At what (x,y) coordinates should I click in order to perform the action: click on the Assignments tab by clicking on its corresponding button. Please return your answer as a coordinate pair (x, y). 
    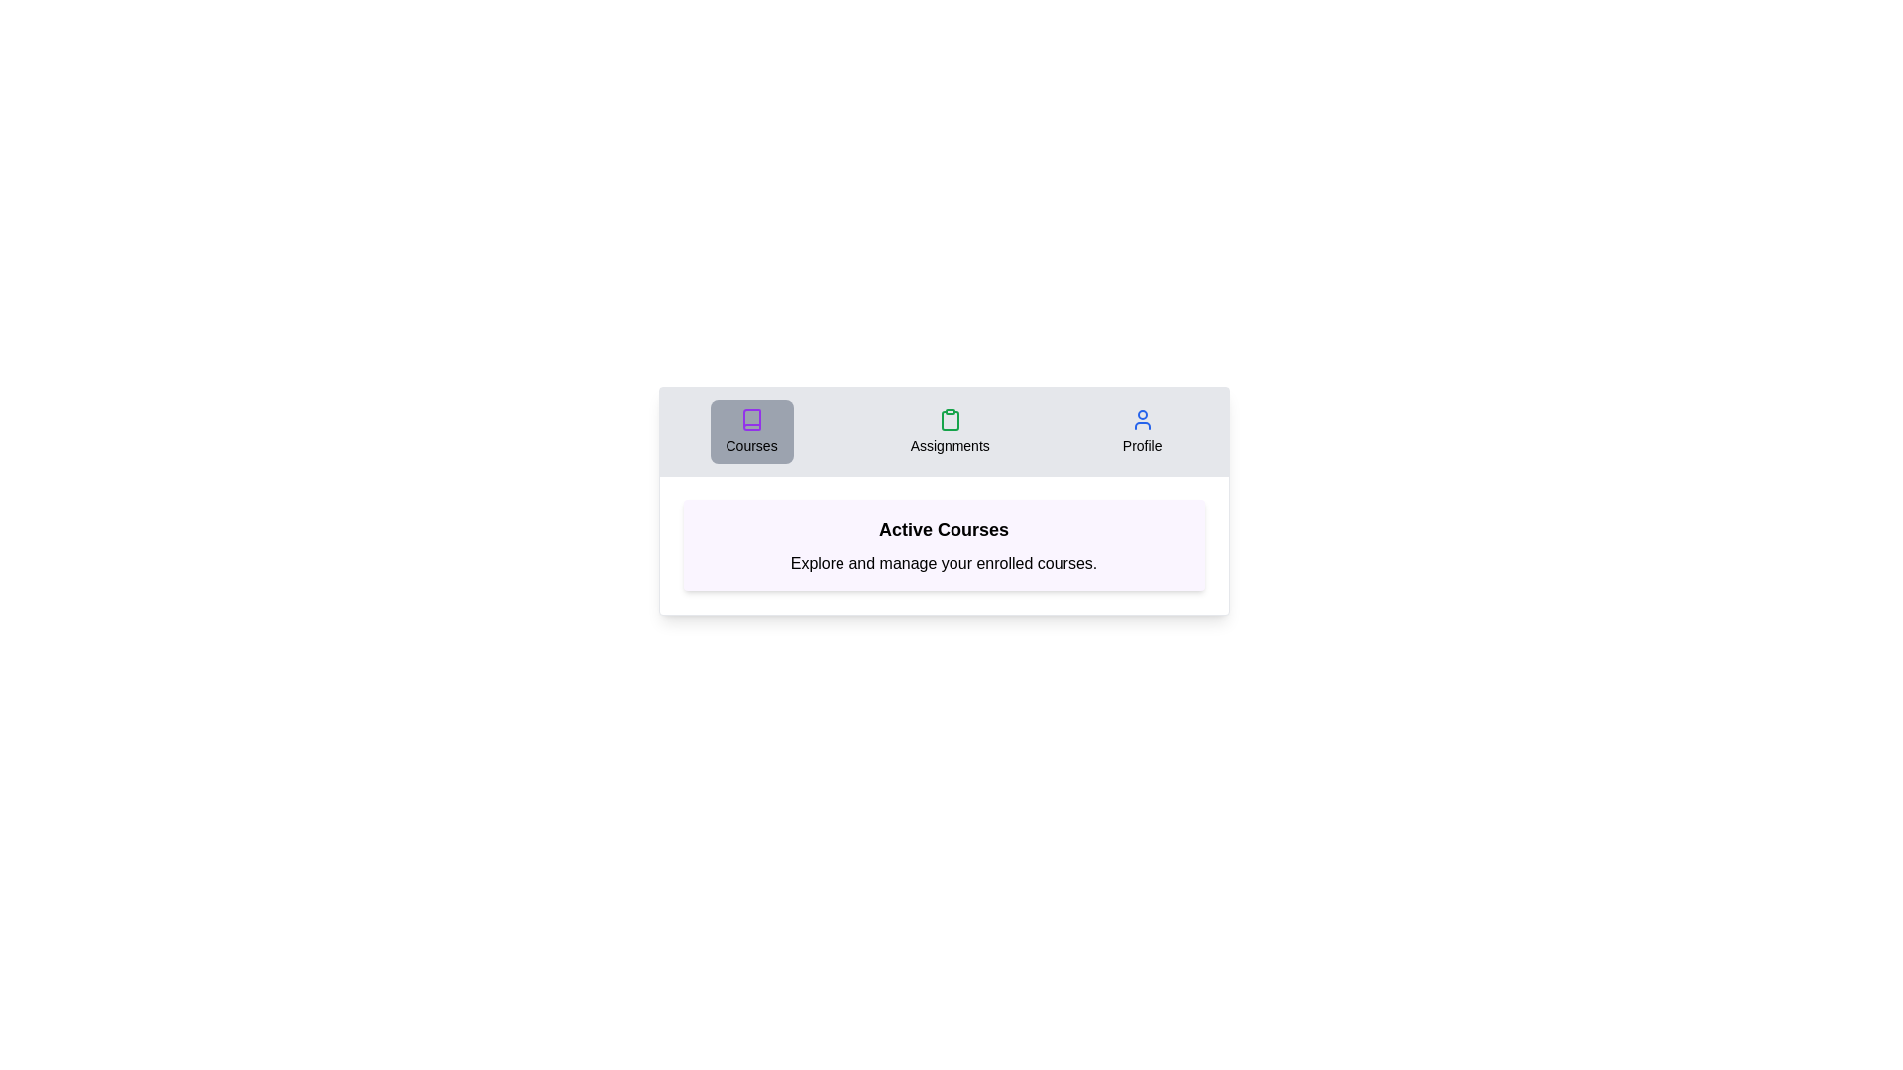
    Looking at the image, I should click on (949, 430).